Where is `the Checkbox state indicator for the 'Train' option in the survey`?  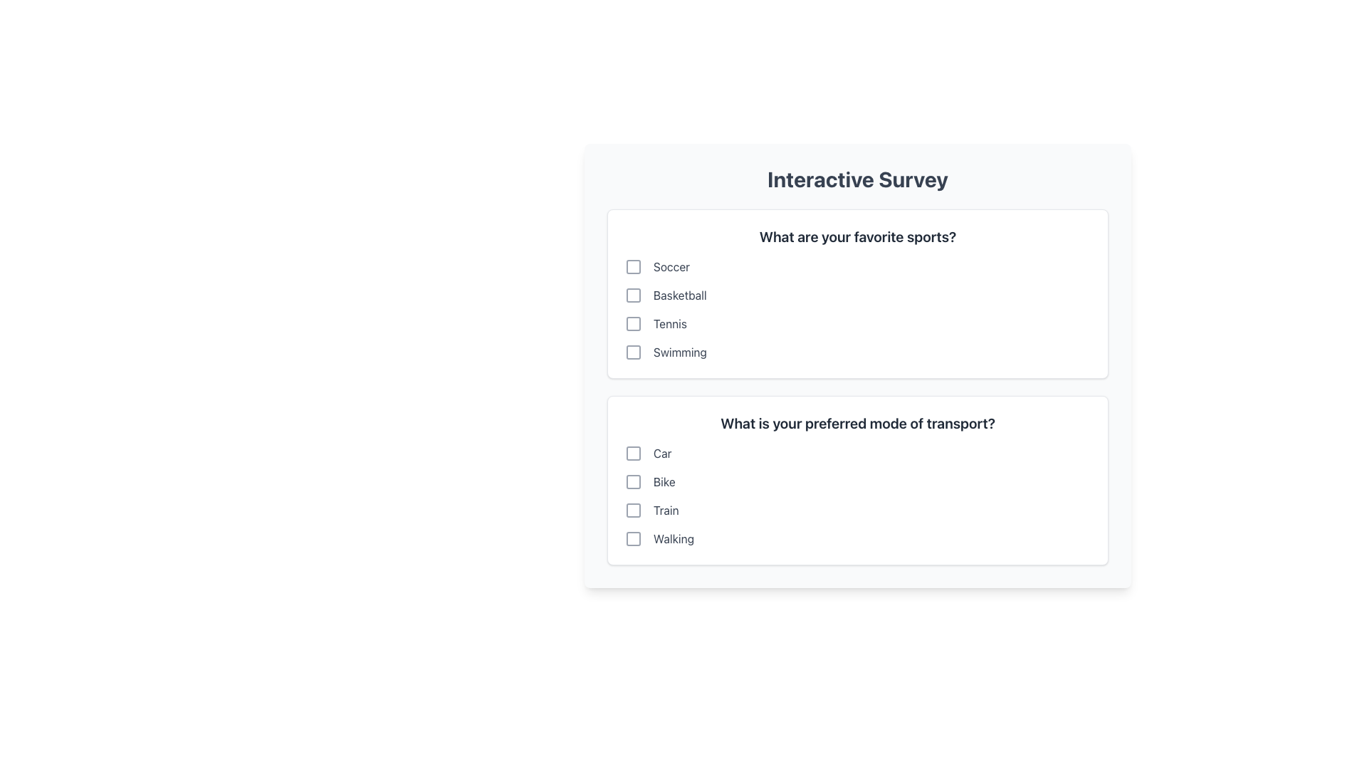 the Checkbox state indicator for the 'Train' option in the survey is located at coordinates (632, 510).